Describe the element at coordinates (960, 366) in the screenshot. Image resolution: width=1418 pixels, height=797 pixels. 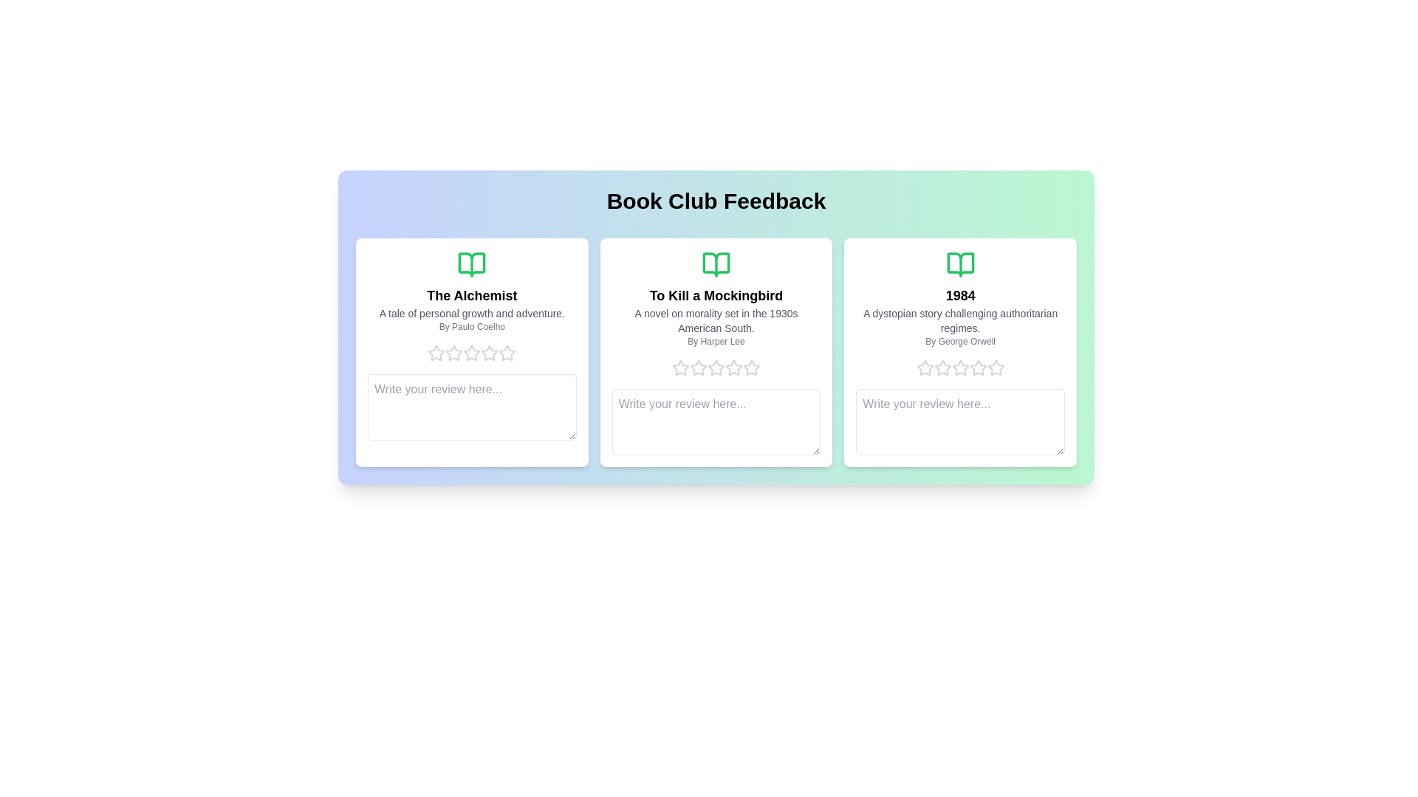
I see `the second rating star icon for the book '1984' in the 'Book Club Feedback' interface` at that location.